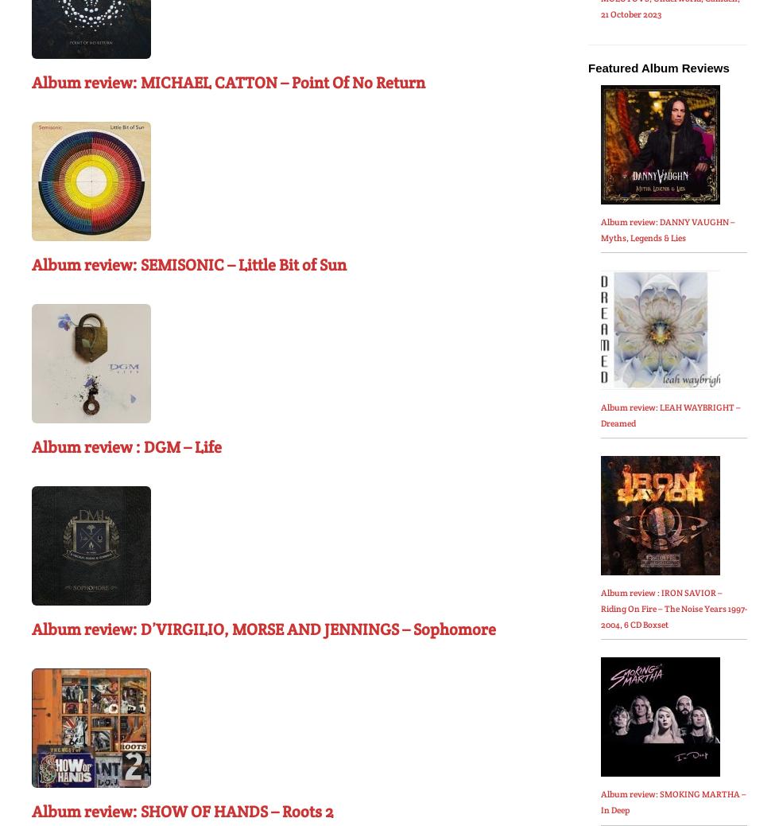 The image size is (779, 826). I want to click on 'Album review: D’VIRGILIO, MORSE AND JENNINGS – Sophomore', so click(31, 629).